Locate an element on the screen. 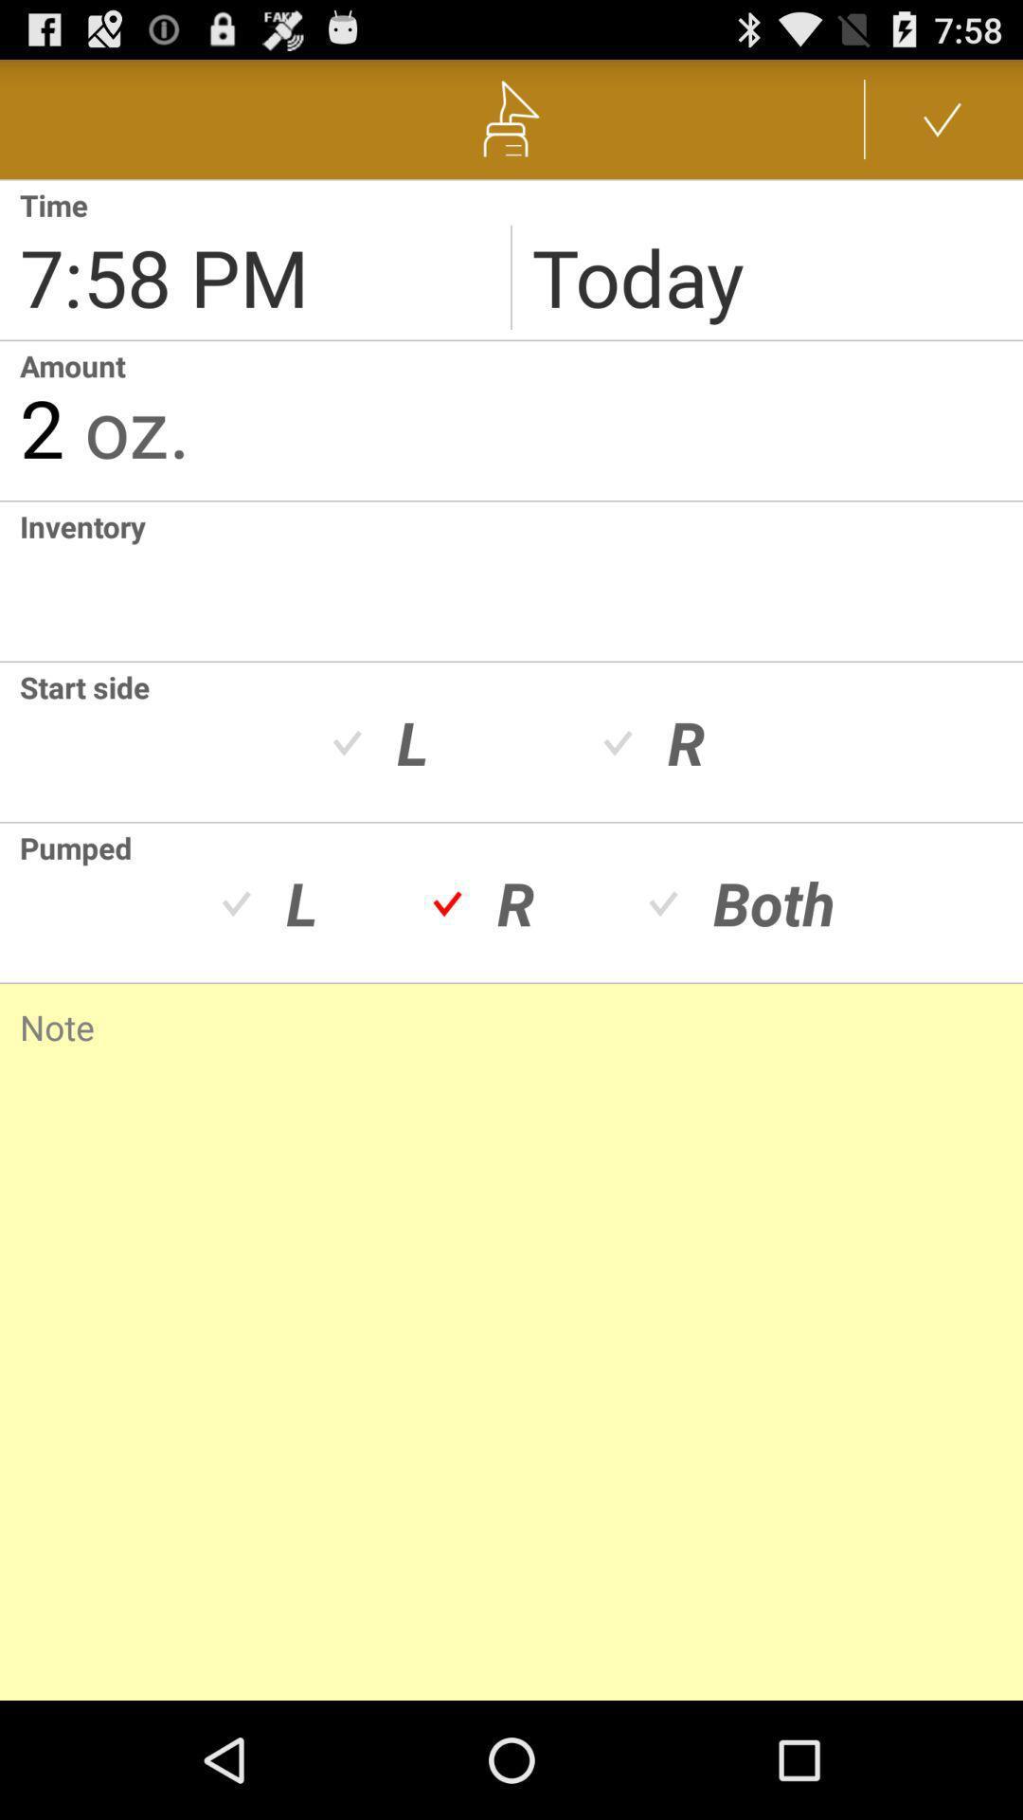  type inventory is located at coordinates (9, 580).